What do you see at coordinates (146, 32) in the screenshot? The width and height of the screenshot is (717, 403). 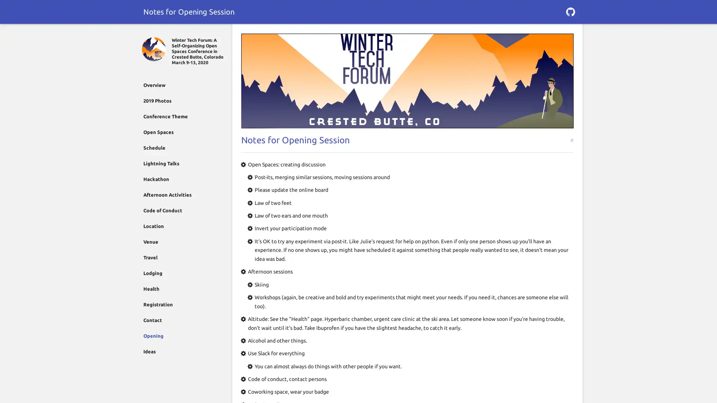 I see `Close` at bounding box center [146, 32].